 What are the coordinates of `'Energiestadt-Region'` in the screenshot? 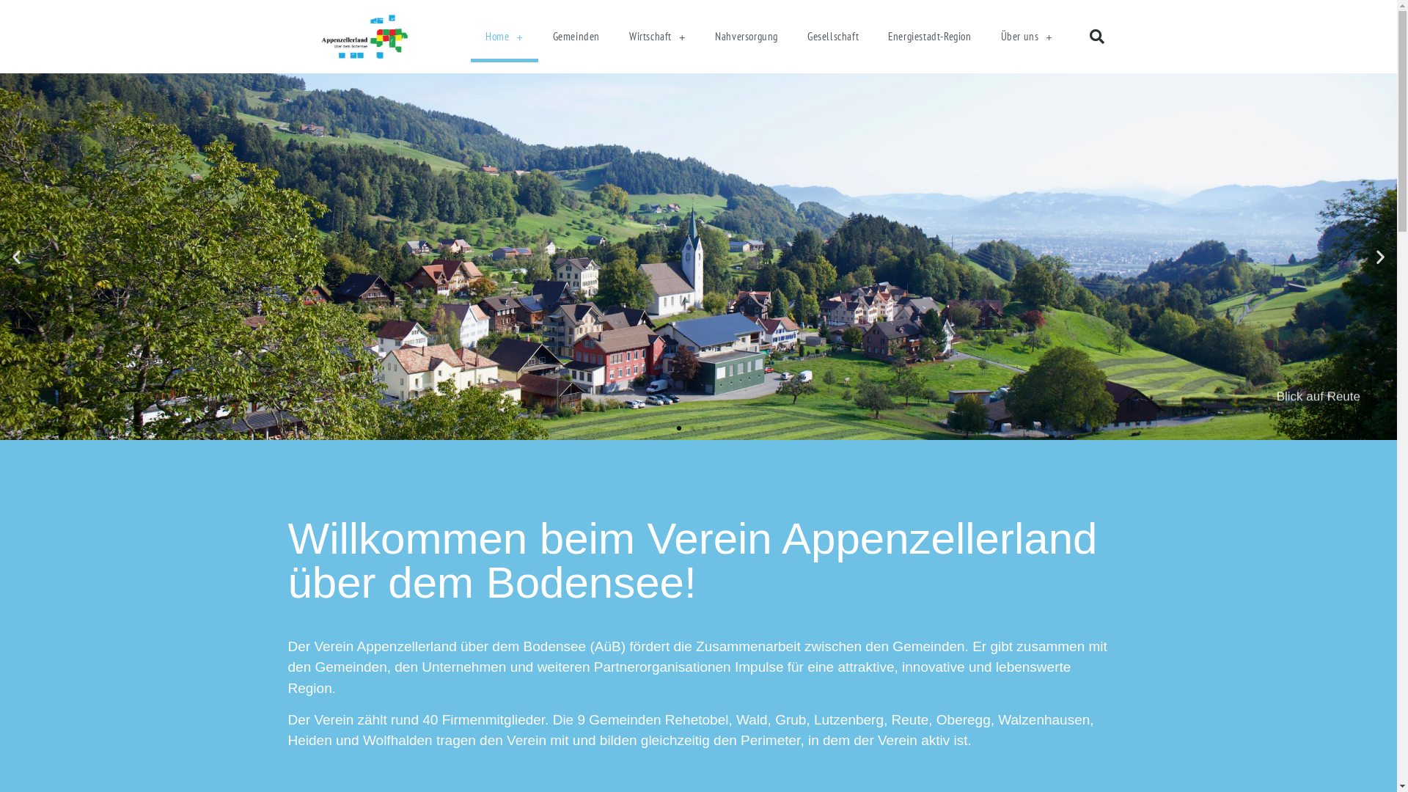 It's located at (928, 36).